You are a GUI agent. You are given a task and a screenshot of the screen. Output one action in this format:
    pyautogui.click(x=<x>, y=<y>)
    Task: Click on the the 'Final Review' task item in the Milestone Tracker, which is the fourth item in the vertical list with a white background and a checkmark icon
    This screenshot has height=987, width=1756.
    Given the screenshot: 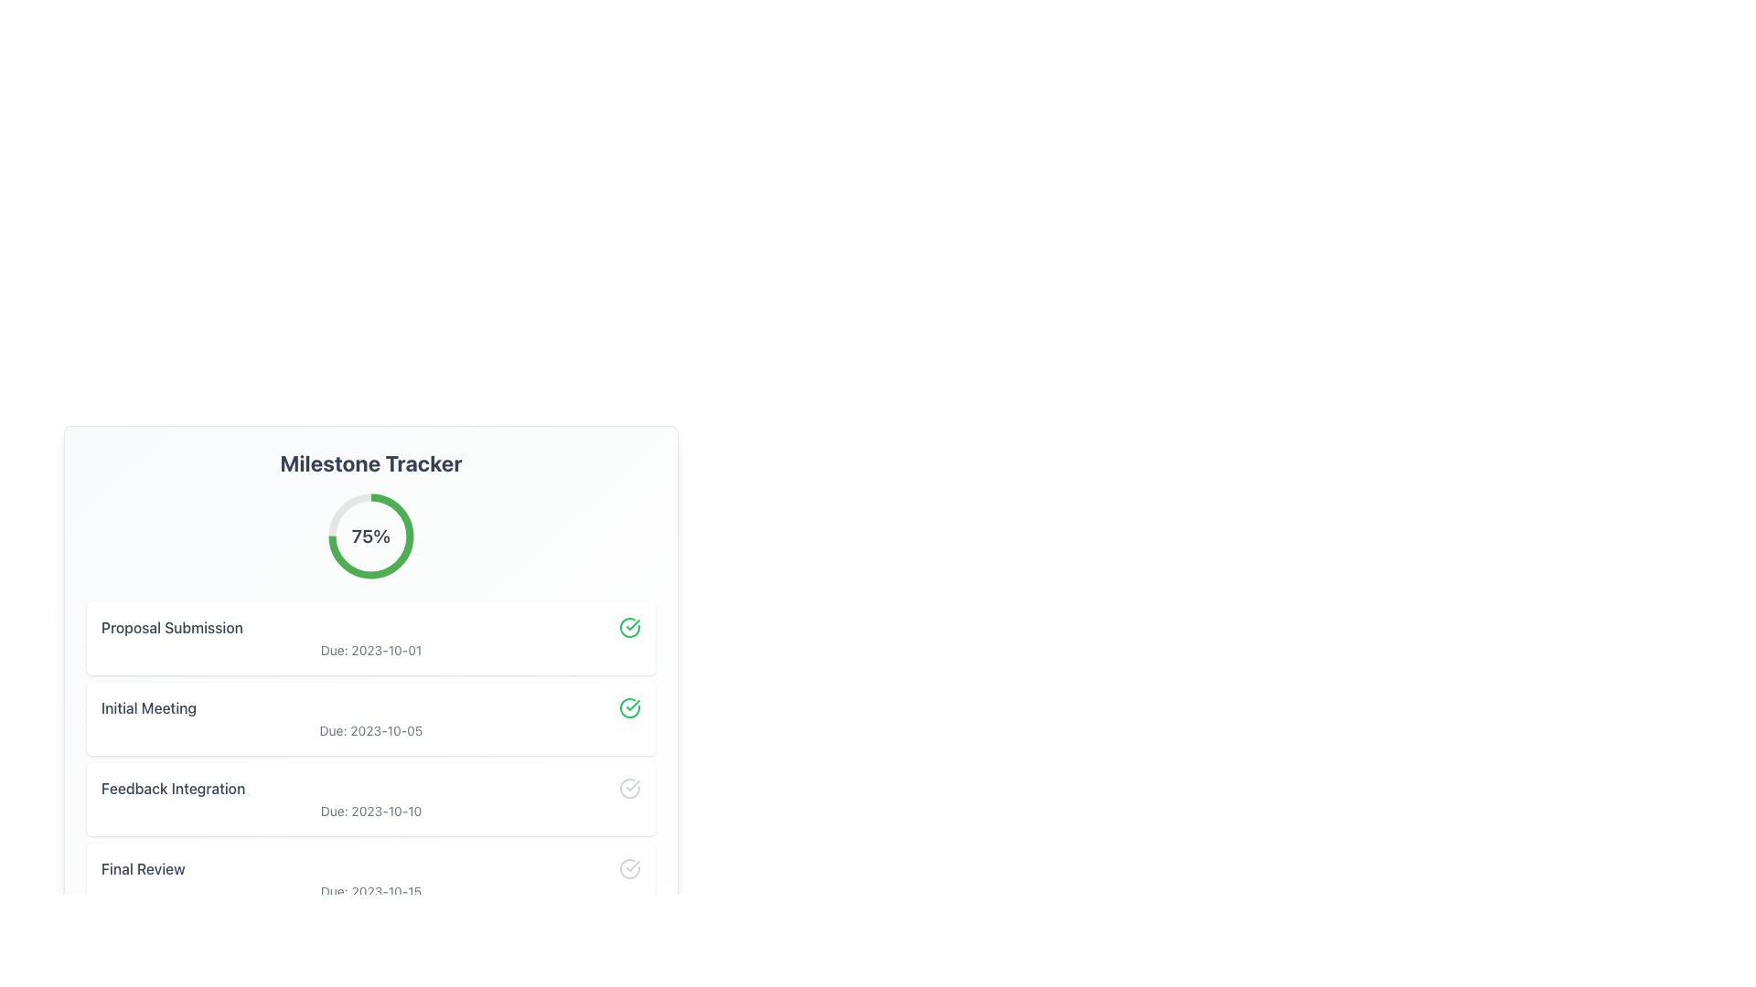 What is the action you would take?
    pyautogui.click(x=370, y=879)
    